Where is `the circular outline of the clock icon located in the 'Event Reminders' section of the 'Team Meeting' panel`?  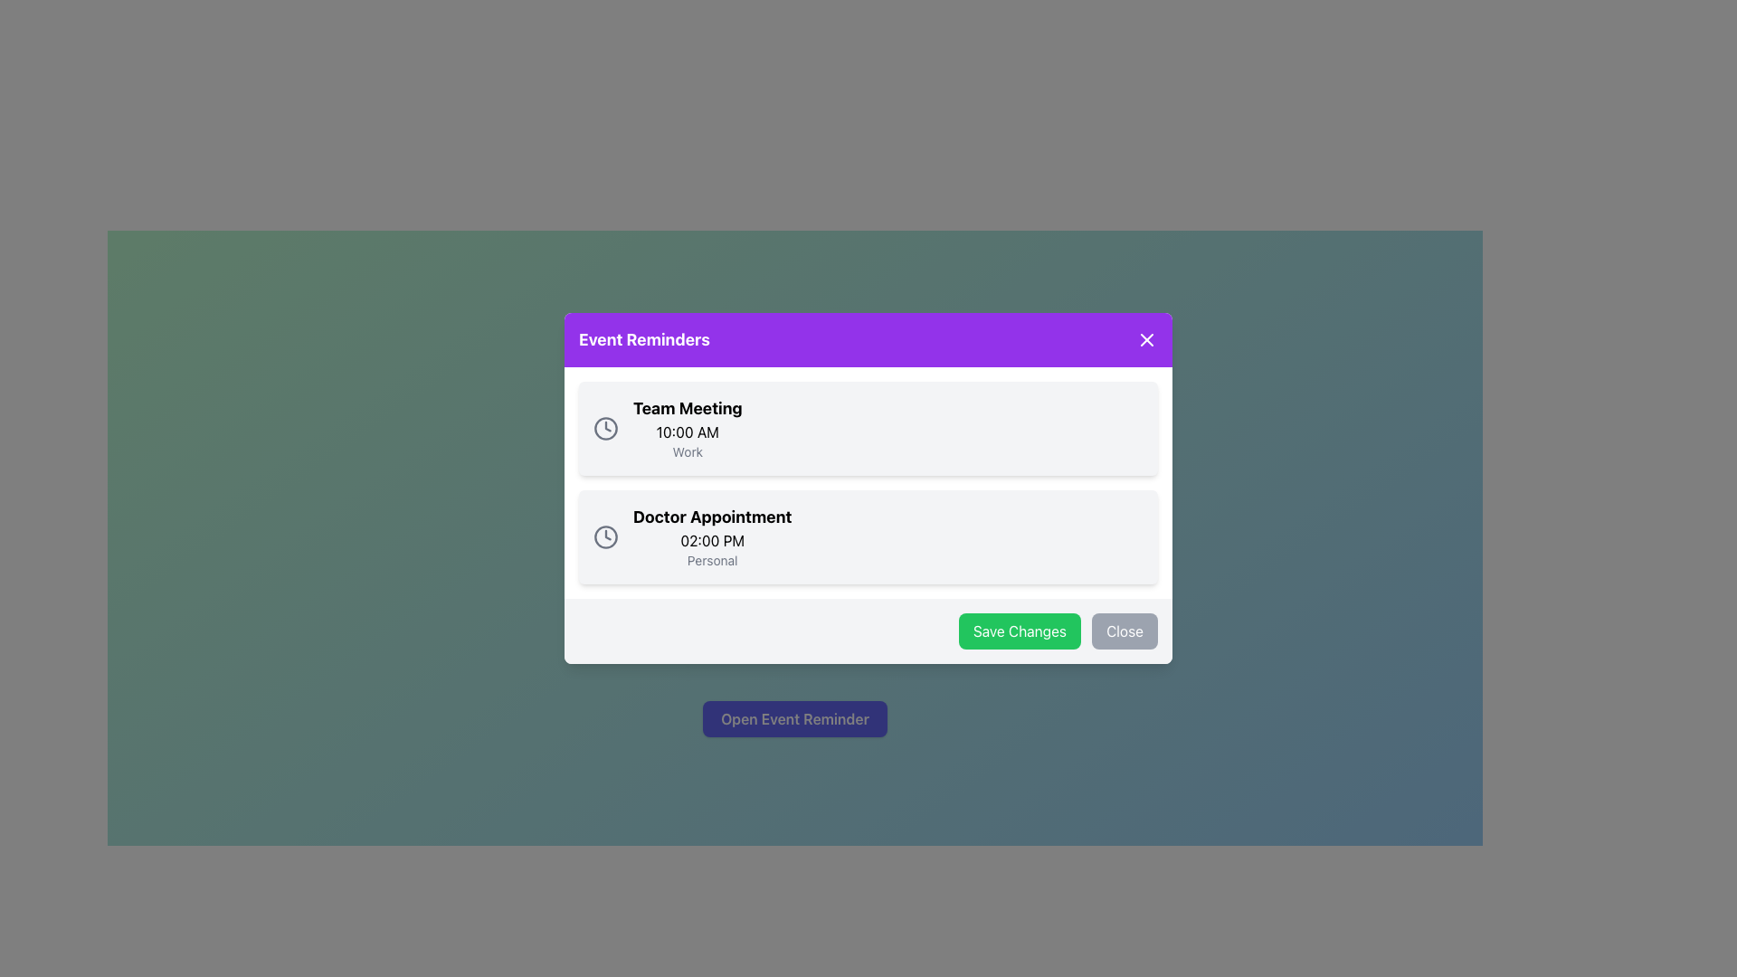 the circular outline of the clock icon located in the 'Event Reminders' section of the 'Team Meeting' panel is located at coordinates (606, 536).